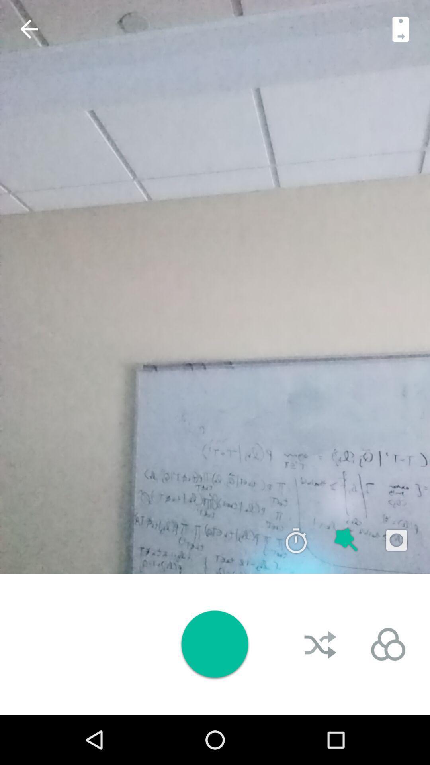 The height and width of the screenshot is (765, 430). What do you see at coordinates (29, 29) in the screenshot?
I see `the arrow_backward icon` at bounding box center [29, 29].